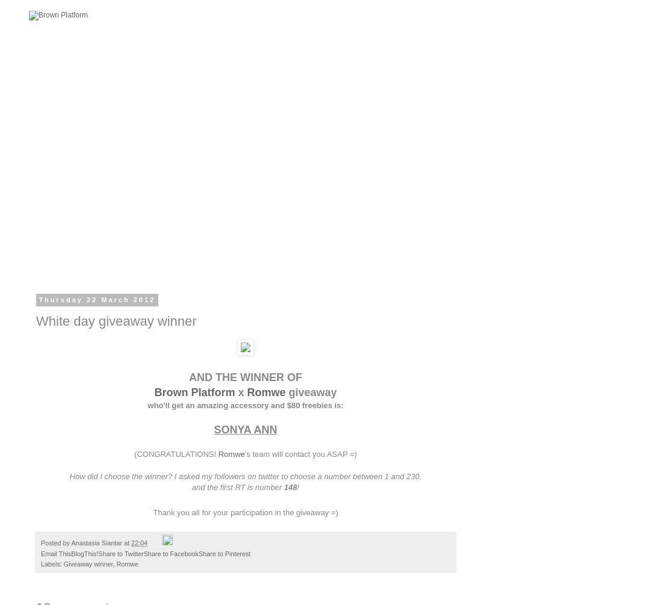 The width and height of the screenshot is (649, 605). Describe the element at coordinates (234, 391) in the screenshot. I see `'x'` at that location.